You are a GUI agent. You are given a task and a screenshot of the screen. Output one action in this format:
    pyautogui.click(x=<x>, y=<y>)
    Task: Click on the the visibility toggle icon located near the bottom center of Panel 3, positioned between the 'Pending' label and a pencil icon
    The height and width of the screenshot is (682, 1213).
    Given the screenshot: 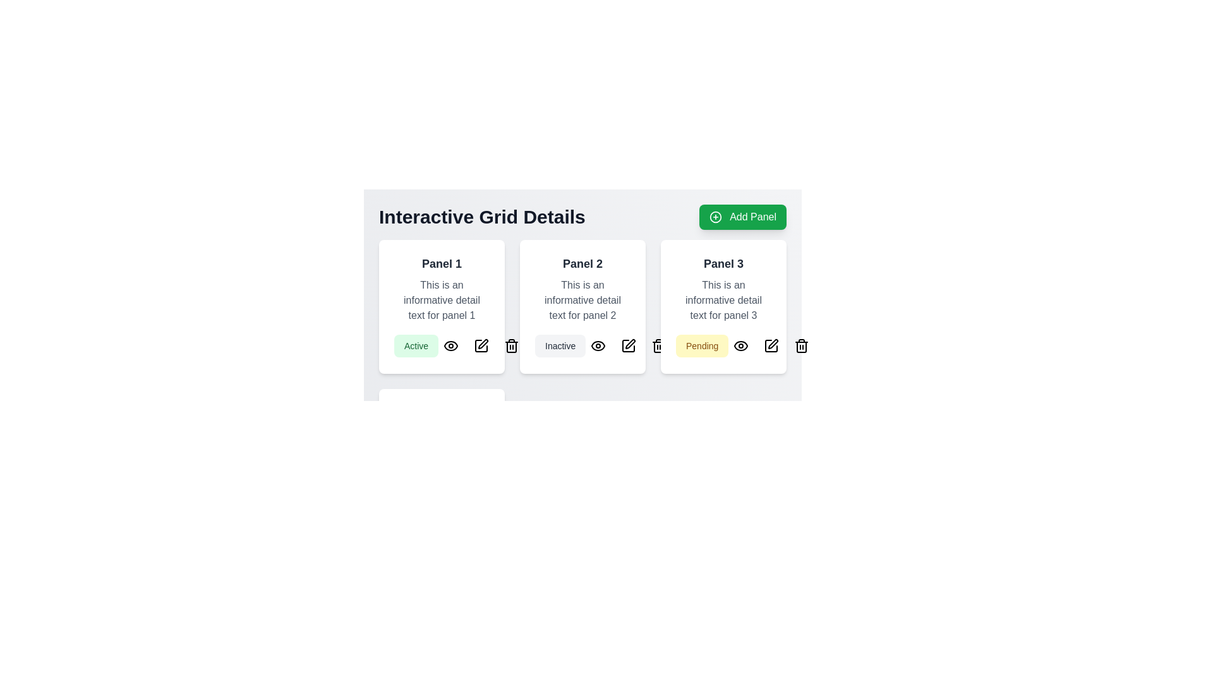 What is the action you would take?
    pyautogui.click(x=741, y=345)
    